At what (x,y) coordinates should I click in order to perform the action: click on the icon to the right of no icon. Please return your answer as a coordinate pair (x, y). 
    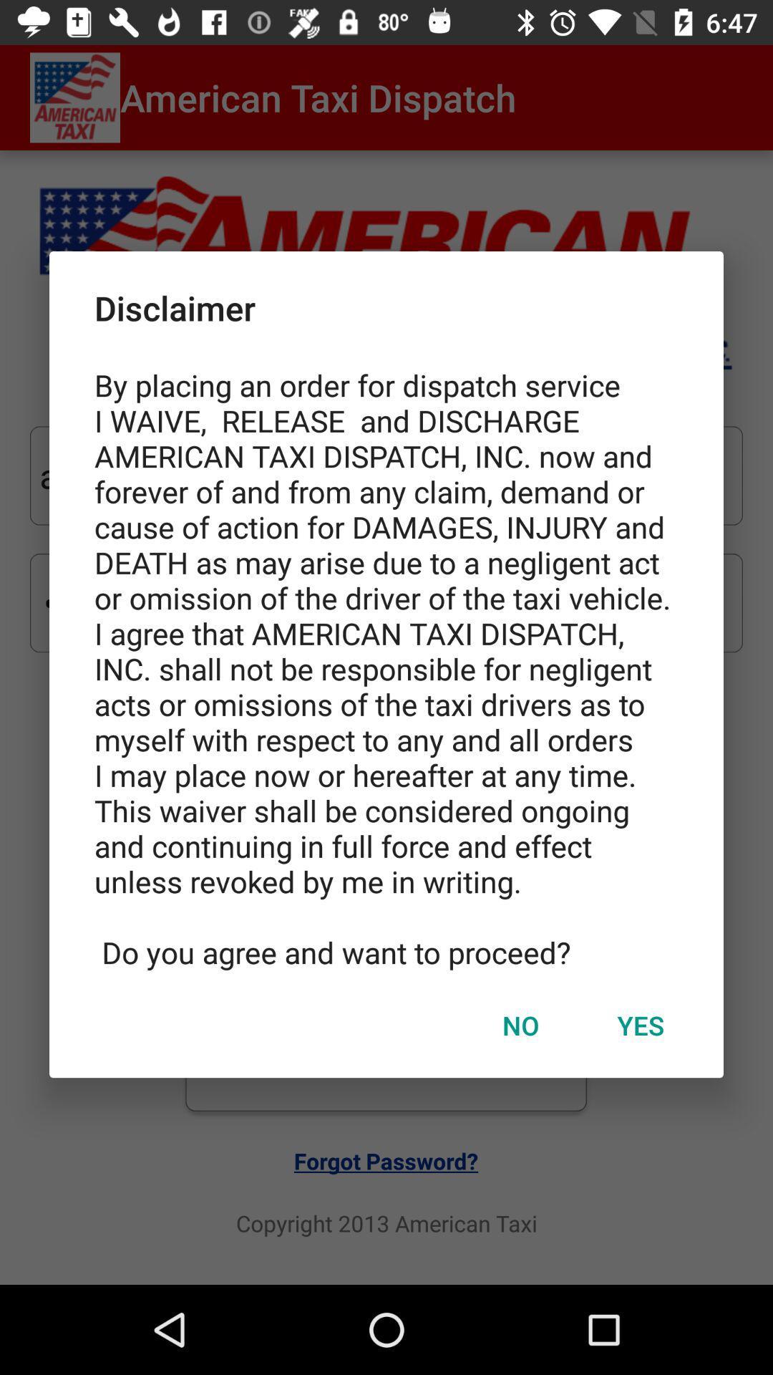
    Looking at the image, I should click on (640, 1024).